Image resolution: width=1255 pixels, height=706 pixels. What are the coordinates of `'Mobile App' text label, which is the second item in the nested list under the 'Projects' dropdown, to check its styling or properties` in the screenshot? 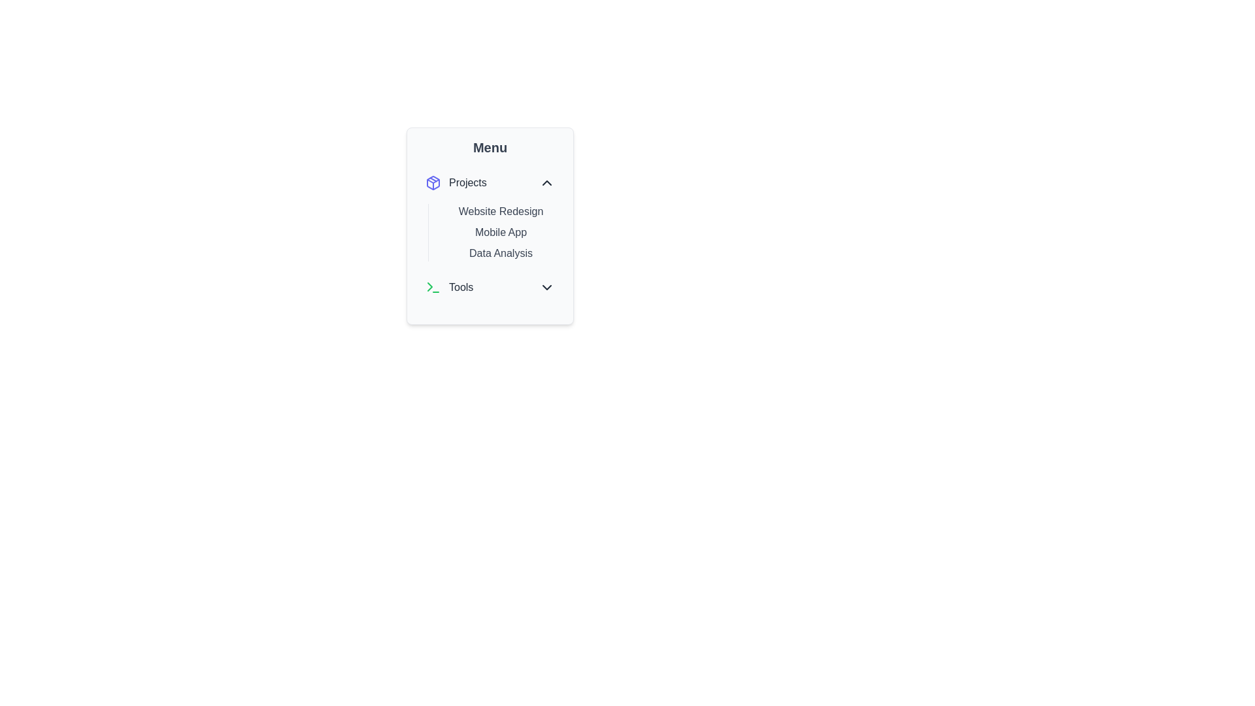 It's located at (489, 226).